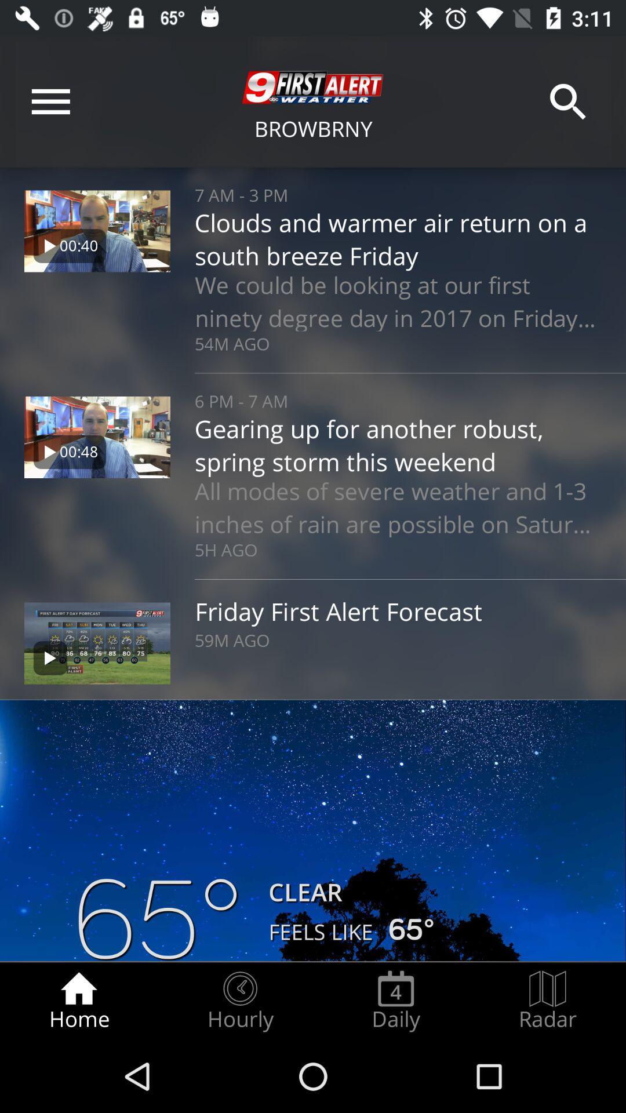 The image size is (626, 1113). Describe the element at coordinates (239, 1001) in the screenshot. I see `item to the right of home item` at that location.